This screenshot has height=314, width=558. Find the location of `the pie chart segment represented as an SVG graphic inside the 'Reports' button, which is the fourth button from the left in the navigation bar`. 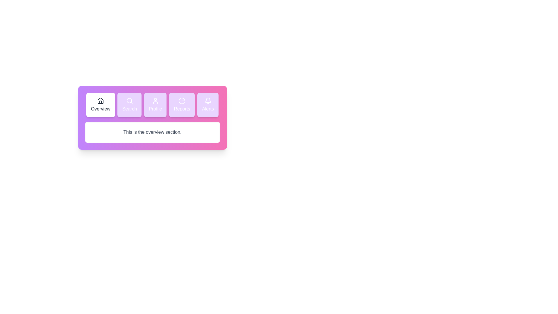

the pie chart segment represented as an SVG graphic inside the 'Reports' button, which is the fourth button from the left in the navigation bar is located at coordinates (181, 101).